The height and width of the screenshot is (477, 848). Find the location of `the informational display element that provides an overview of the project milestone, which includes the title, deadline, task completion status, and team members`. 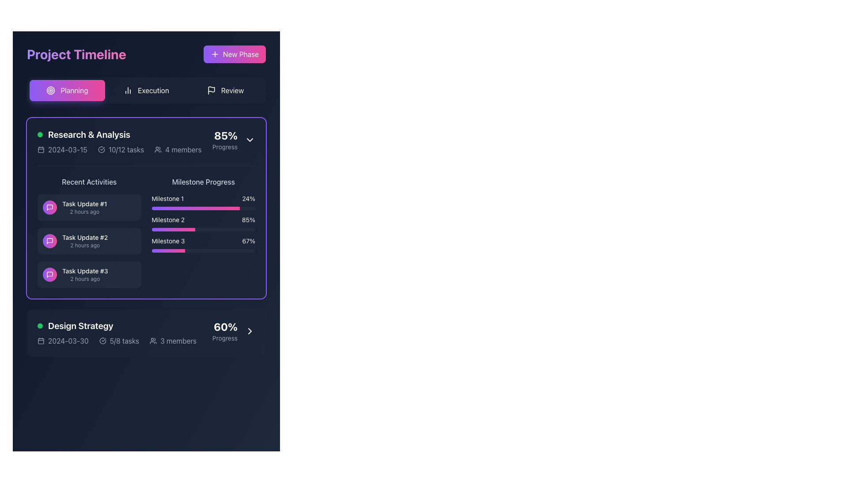

the informational display element that provides an overview of the project milestone, which includes the title, deadline, task completion status, and team members is located at coordinates (116, 333).